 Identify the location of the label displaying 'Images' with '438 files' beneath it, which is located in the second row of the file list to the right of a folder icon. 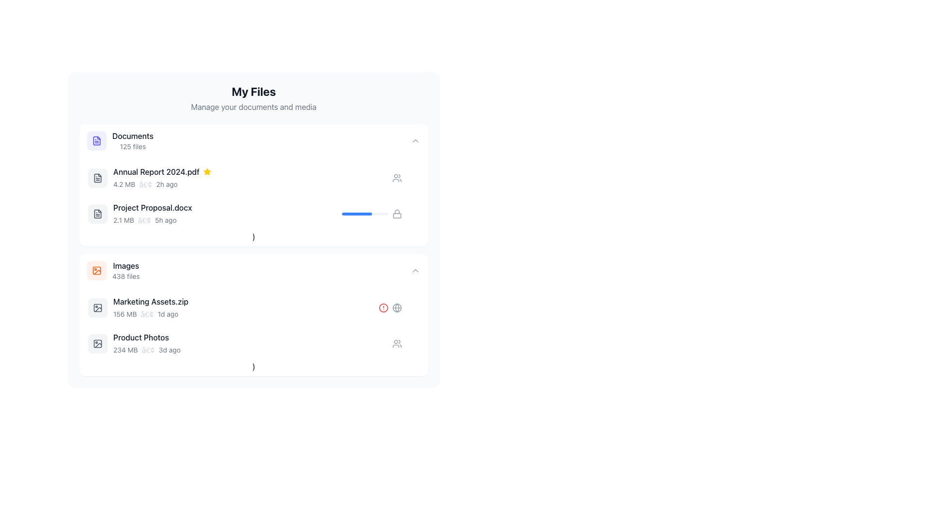
(125, 271).